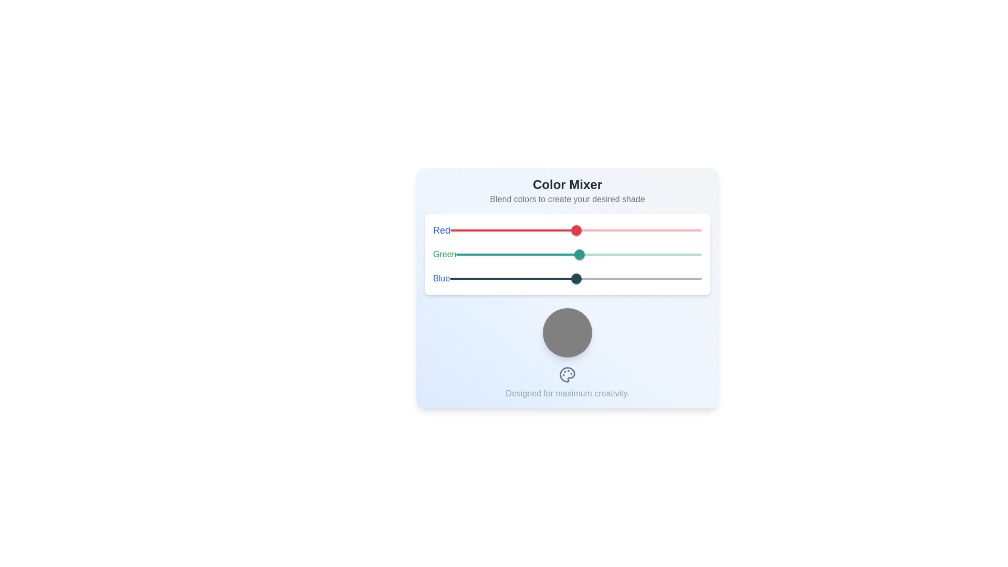 Image resolution: width=1008 pixels, height=567 pixels. What do you see at coordinates (458, 255) in the screenshot?
I see `the green slider` at bounding box center [458, 255].